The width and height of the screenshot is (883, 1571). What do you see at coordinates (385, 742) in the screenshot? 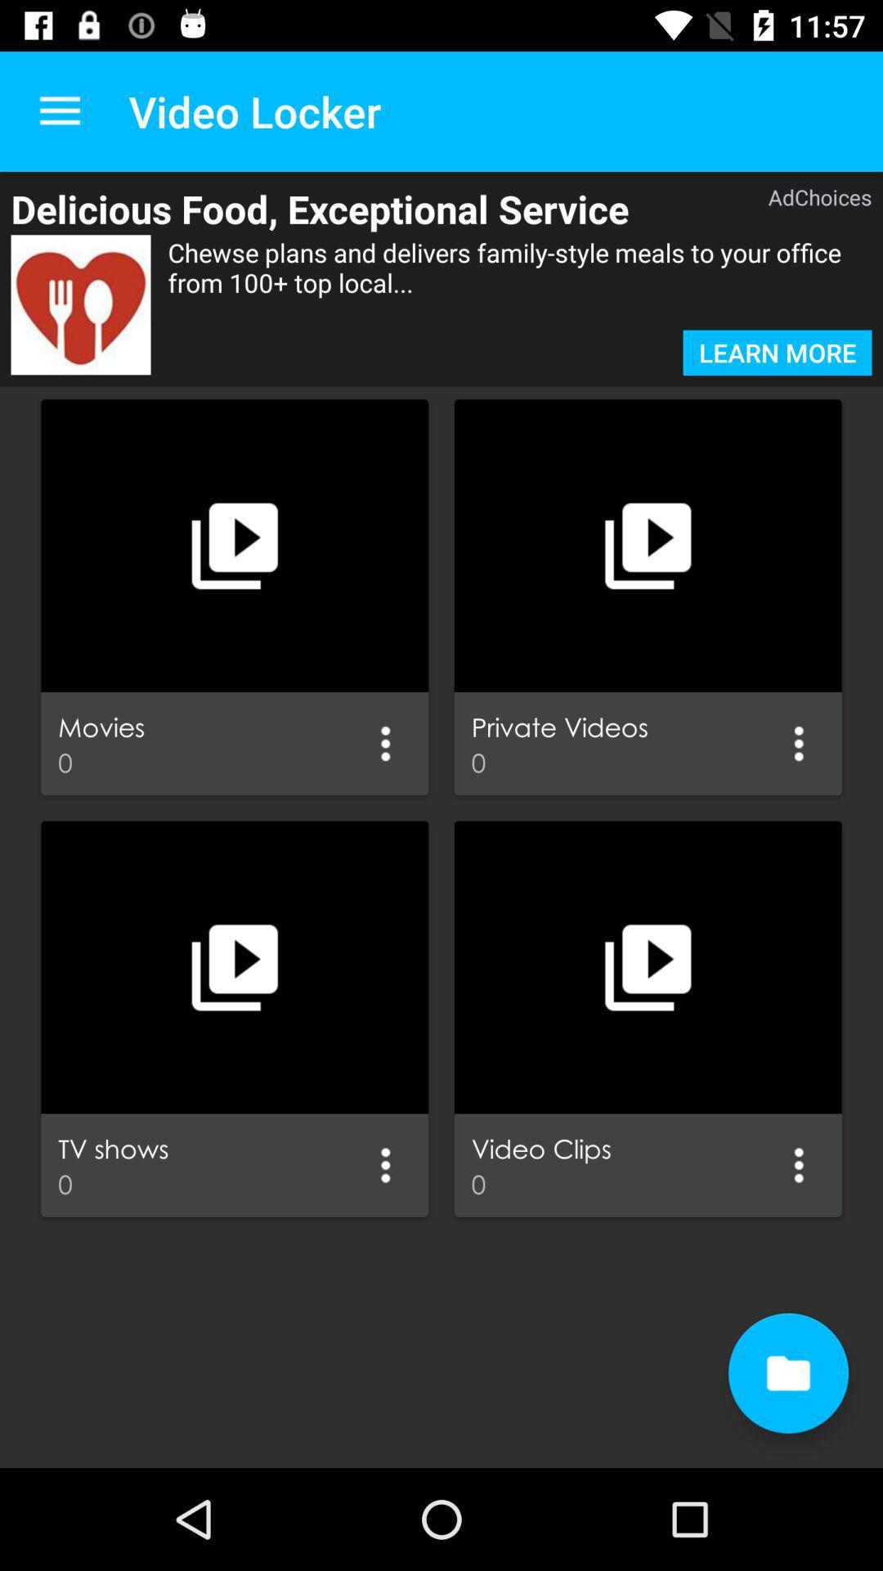
I see `open folder menu` at bounding box center [385, 742].